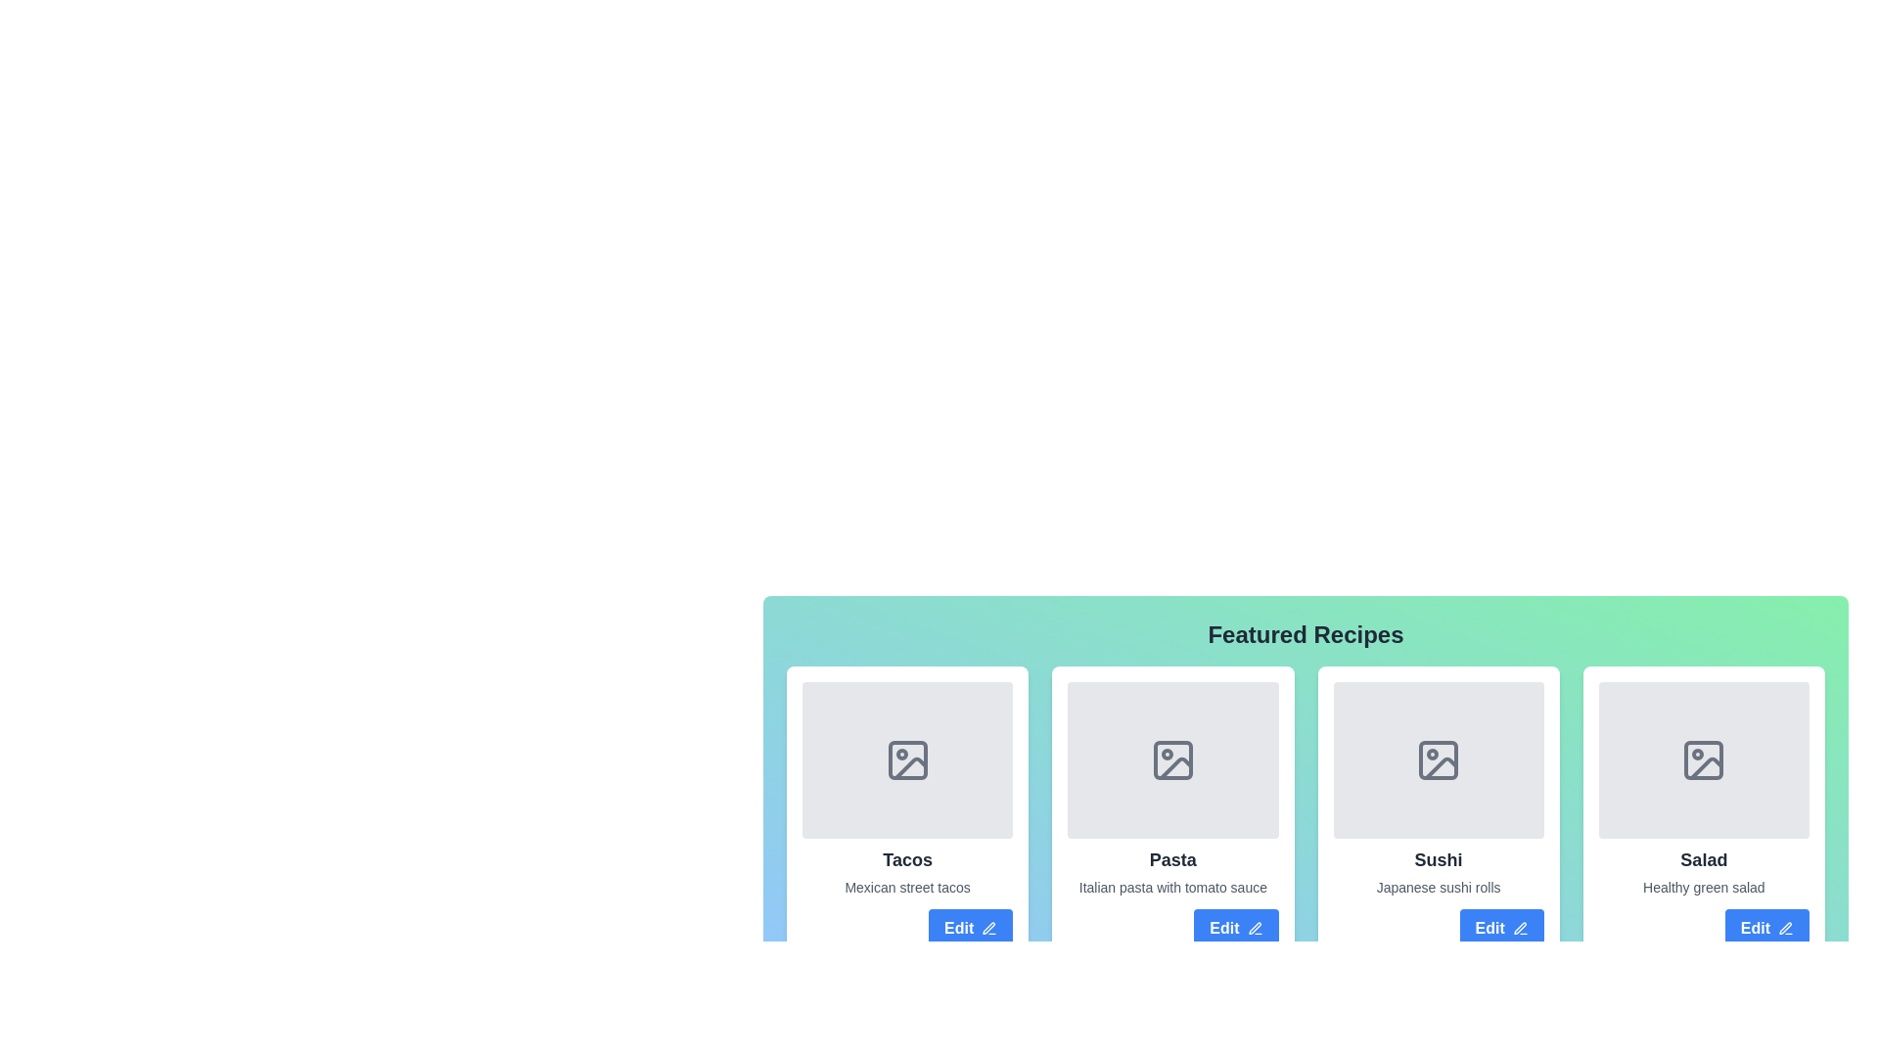 The height and width of the screenshot is (1057, 1879). Describe the element at coordinates (988, 927) in the screenshot. I see `the pen icon used for editing, located within the 'Edit' button below the 'Tacos' card in the 'Featured Recipes' section` at that location.